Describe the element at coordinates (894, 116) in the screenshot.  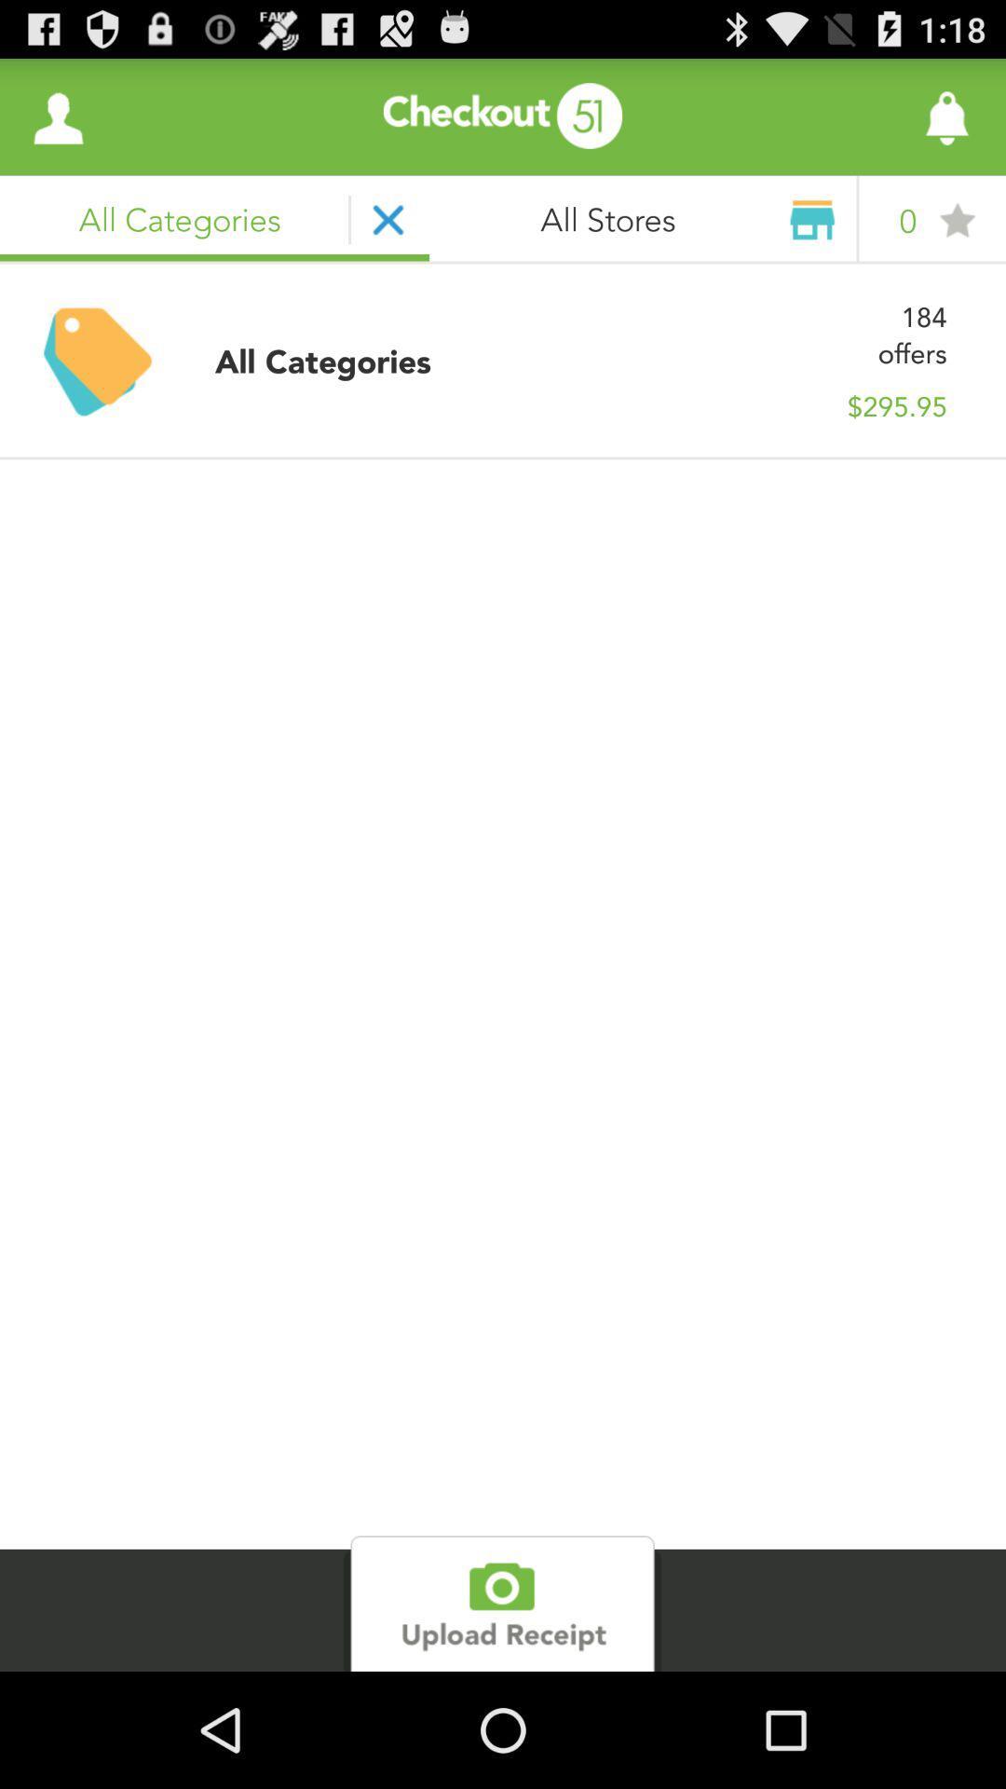
I see `the item next to all stores item` at that location.